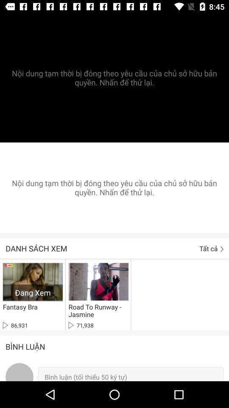 The height and width of the screenshot is (408, 229). Describe the element at coordinates (96, 310) in the screenshot. I see `the road to runway` at that location.